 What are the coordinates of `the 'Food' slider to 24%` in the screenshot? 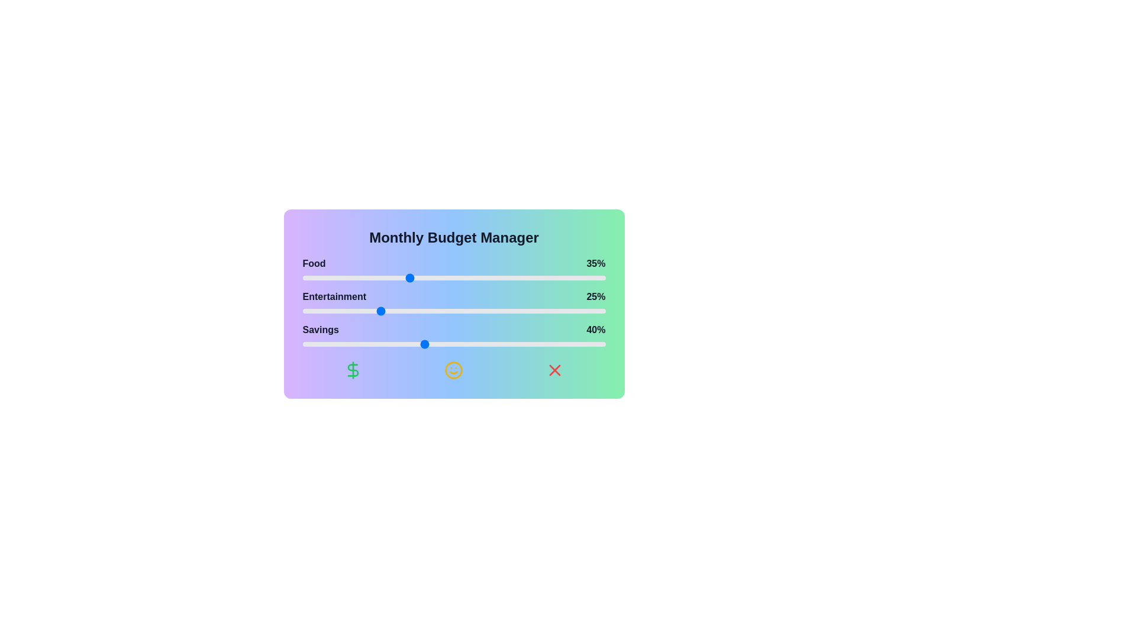 It's located at (375, 278).